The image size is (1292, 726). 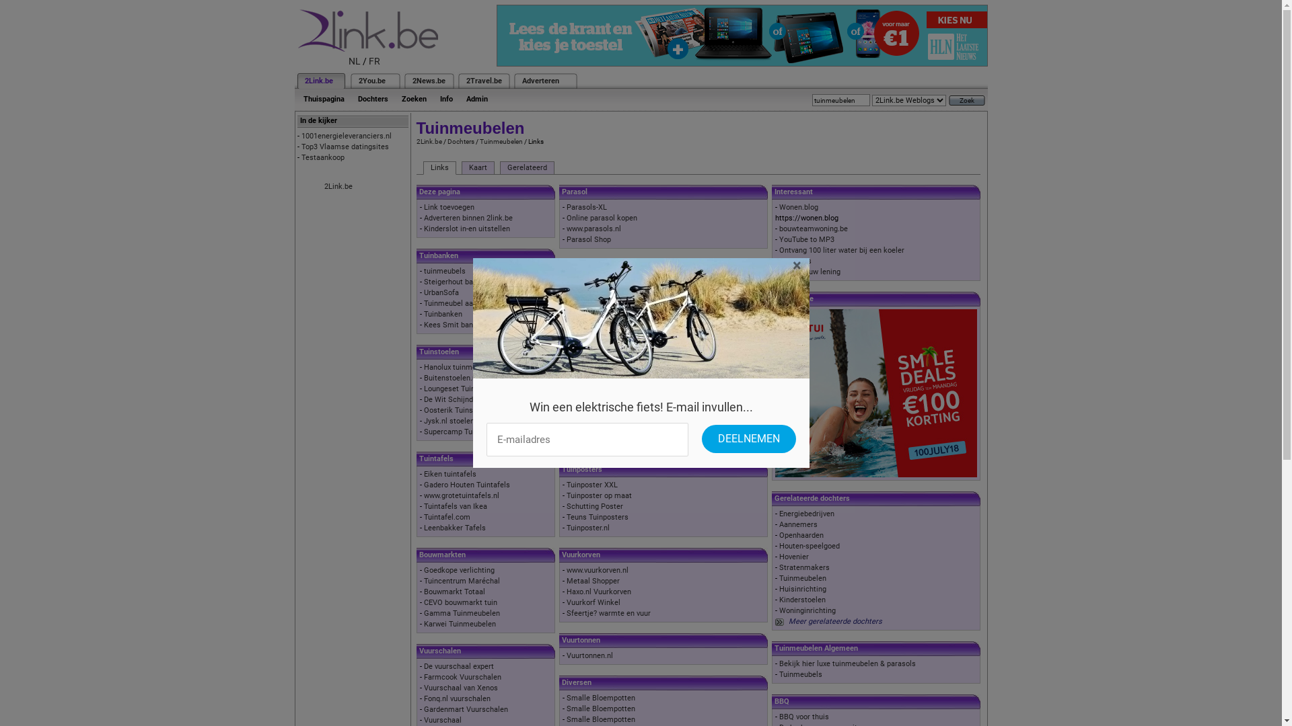 What do you see at coordinates (809, 272) in the screenshot?
I see `'Bereken uw lening'` at bounding box center [809, 272].